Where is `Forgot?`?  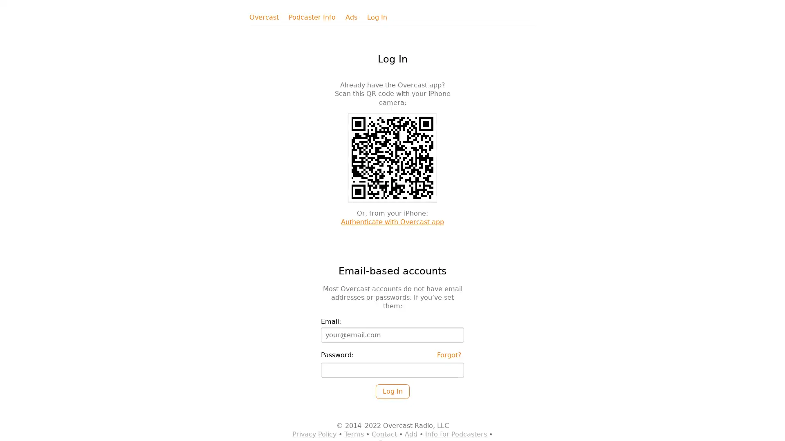
Forgot? is located at coordinates (449, 354).